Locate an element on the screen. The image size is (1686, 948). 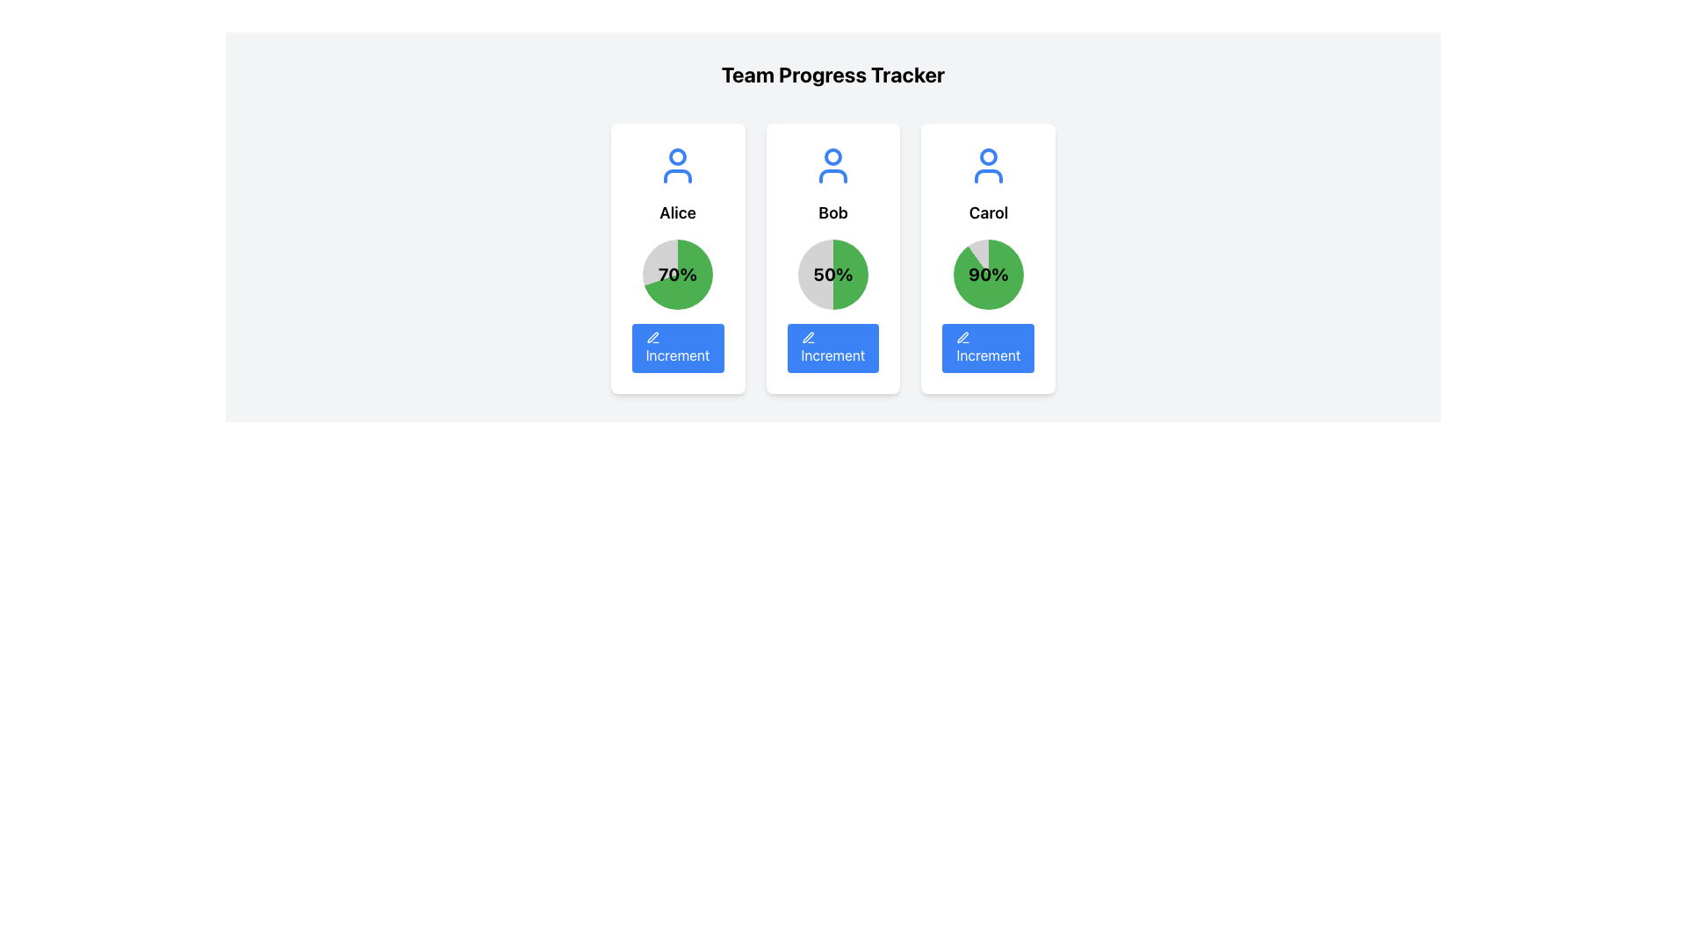
the blue person icon, which is outlined and positioned at the top center of the card labeled 'Bob', aligned above the text 'Bob' and the percentage display '50%' is located at coordinates (832, 166).